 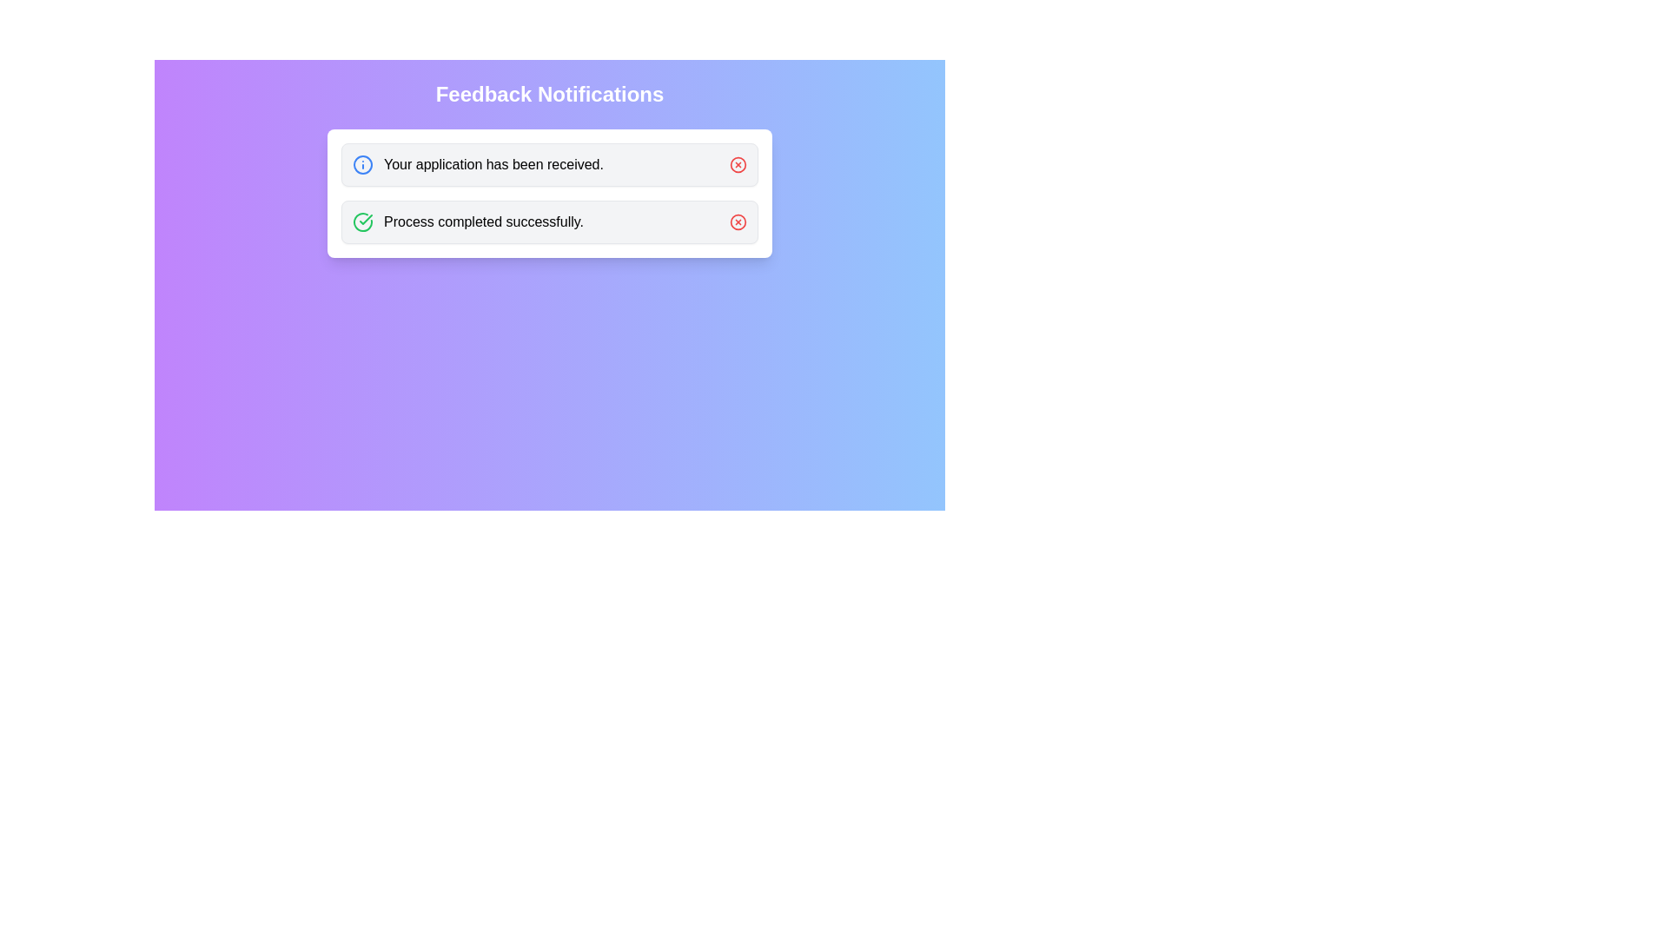 I want to click on the visual state of the circular Icon component located on the right side of the lower notification box, so click(x=738, y=221).